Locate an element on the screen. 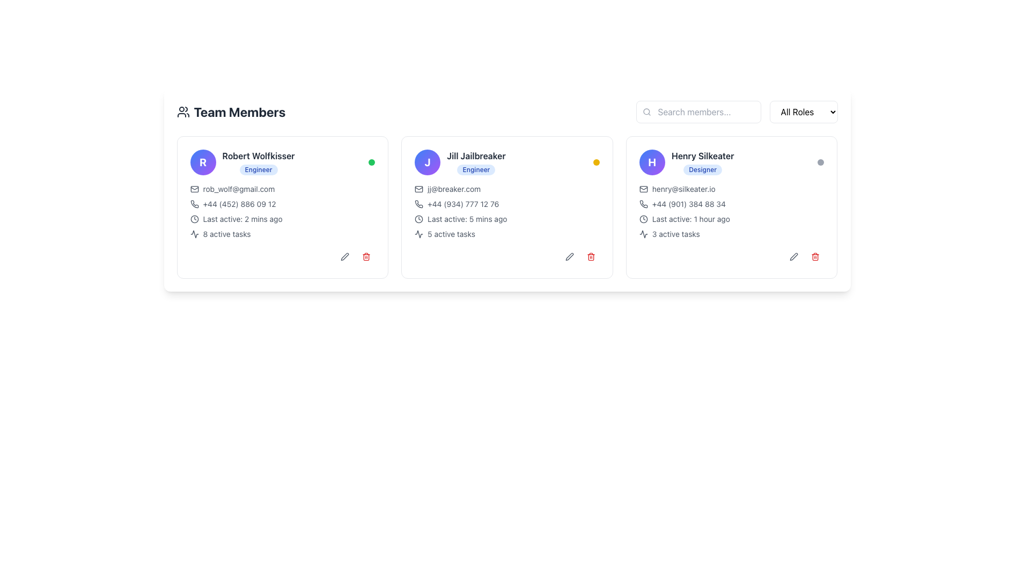 The image size is (1030, 579). text of the Badge indicating the user's role as 'Designer', located in the right-most user information card below the name 'Henry Silkeater' is located at coordinates (703, 169).